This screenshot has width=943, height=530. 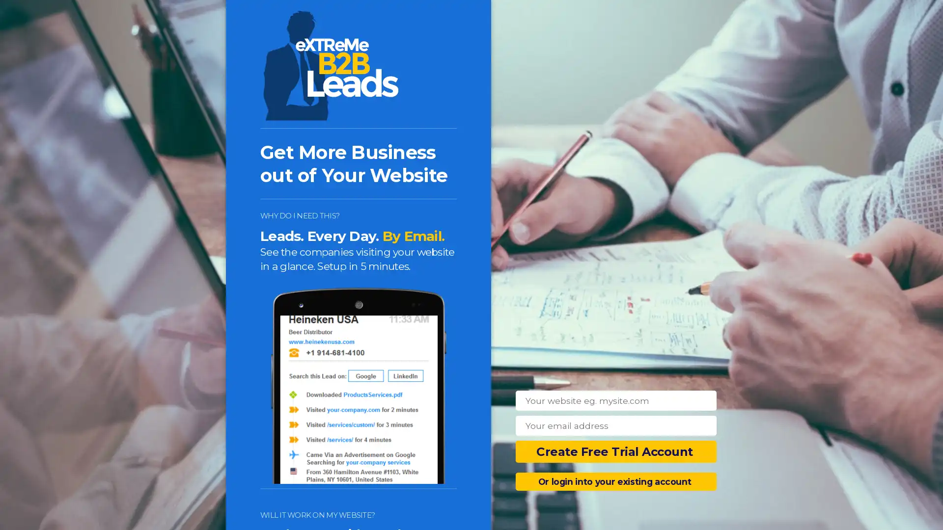 What do you see at coordinates (615, 451) in the screenshot?
I see `Create Free Trial Account` at bounding box center [615, 451].